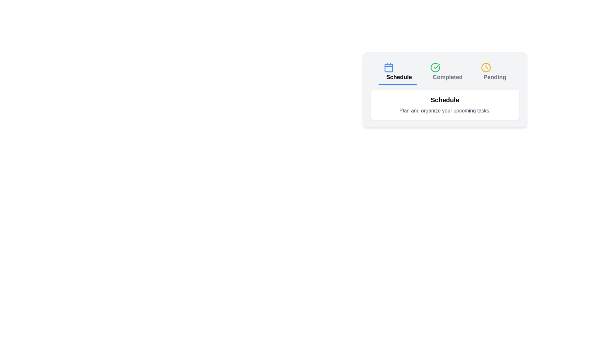 The image size is (616, 346). Describe the element at coordinates (397, 72) in the screenshot. I see `the tab button corresponding to Schedule` at that location.